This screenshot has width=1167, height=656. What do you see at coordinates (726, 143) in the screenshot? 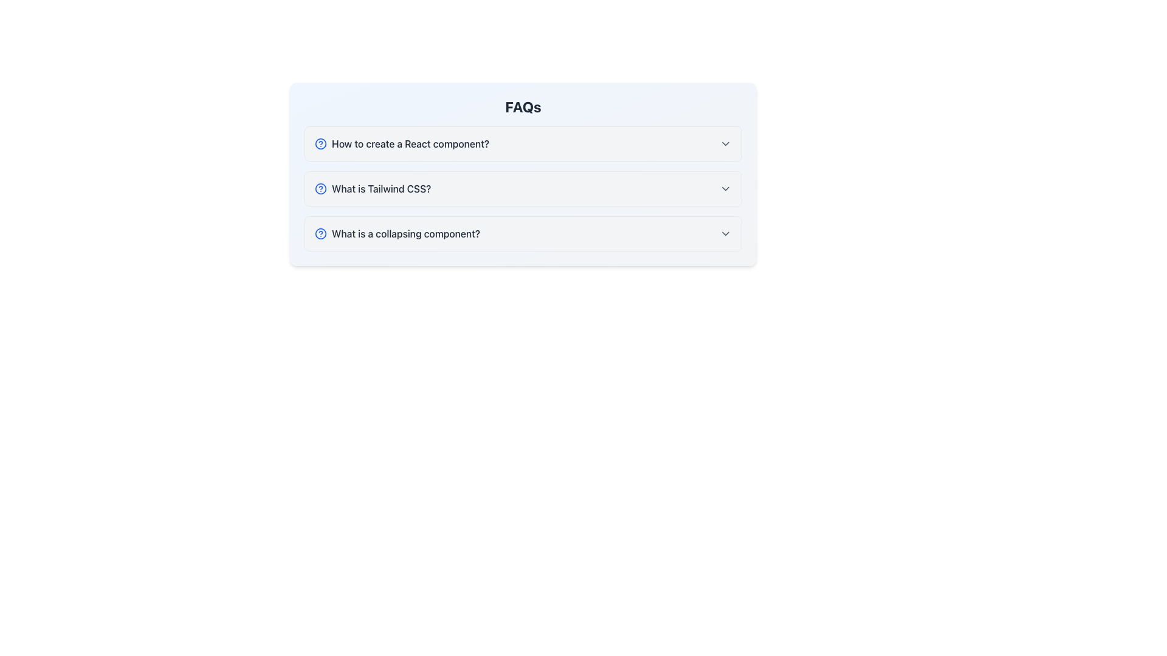
I see `the rightmost chevron icon` at bounding box center [726, 143].